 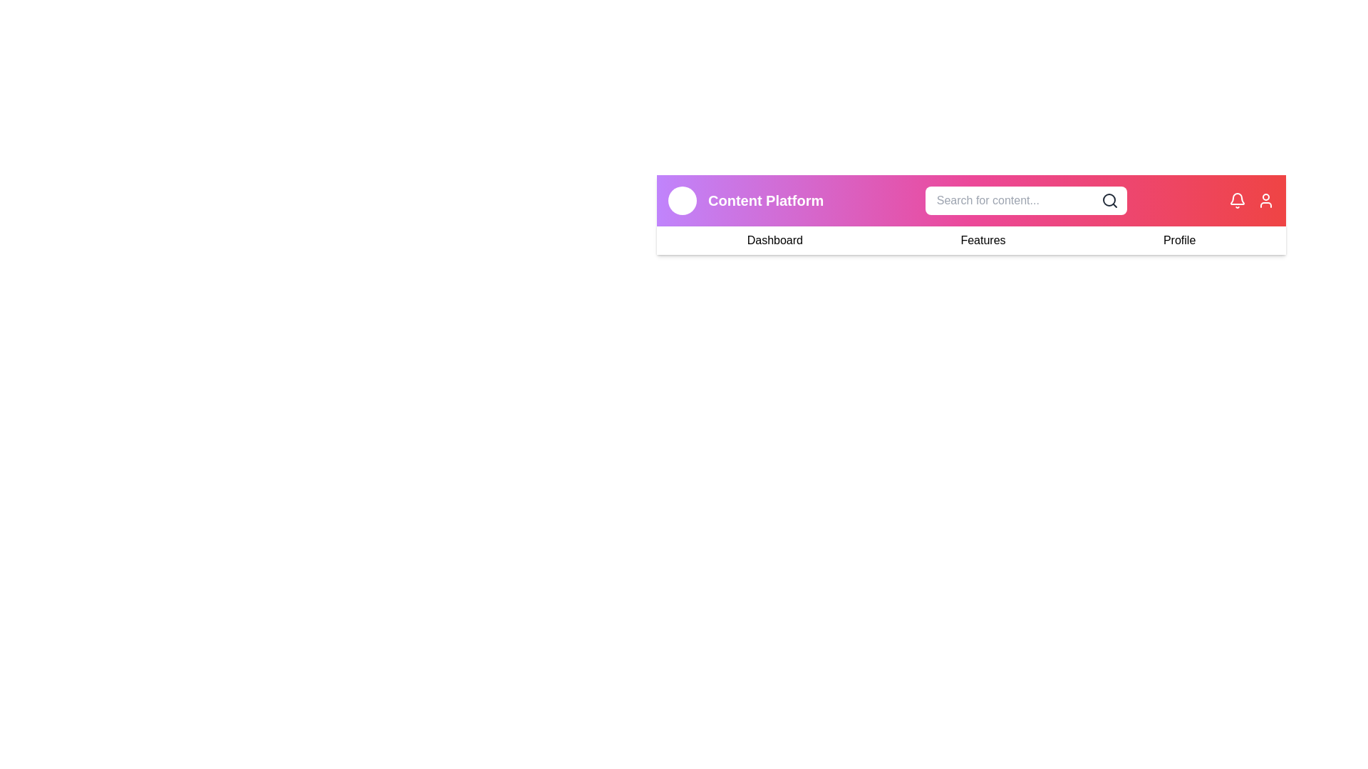 I want to click on the Dashboard navigation link, so click(x=774, y=240).